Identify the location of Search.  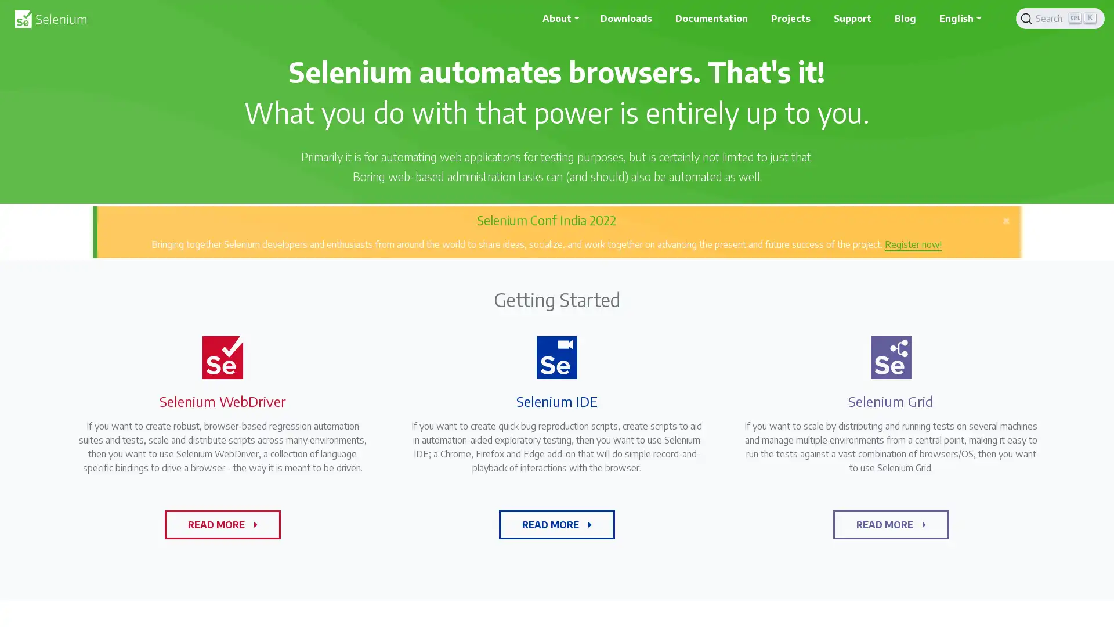
(1060, 18).